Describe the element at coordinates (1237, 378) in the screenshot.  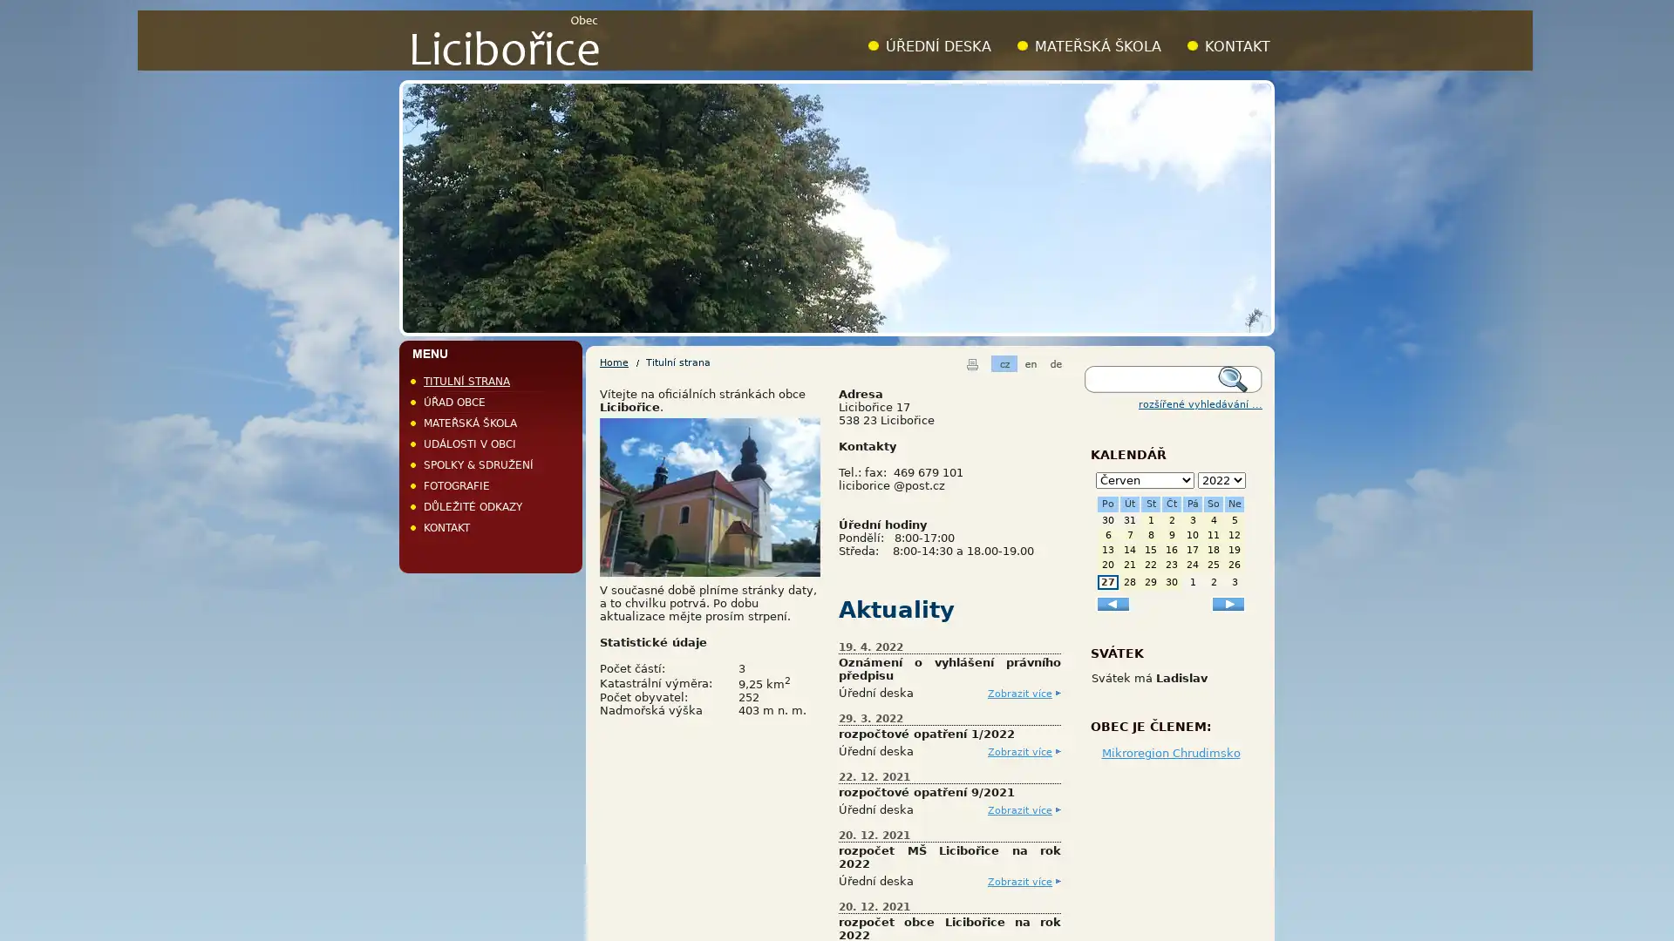
I see `Hledat` at that location.